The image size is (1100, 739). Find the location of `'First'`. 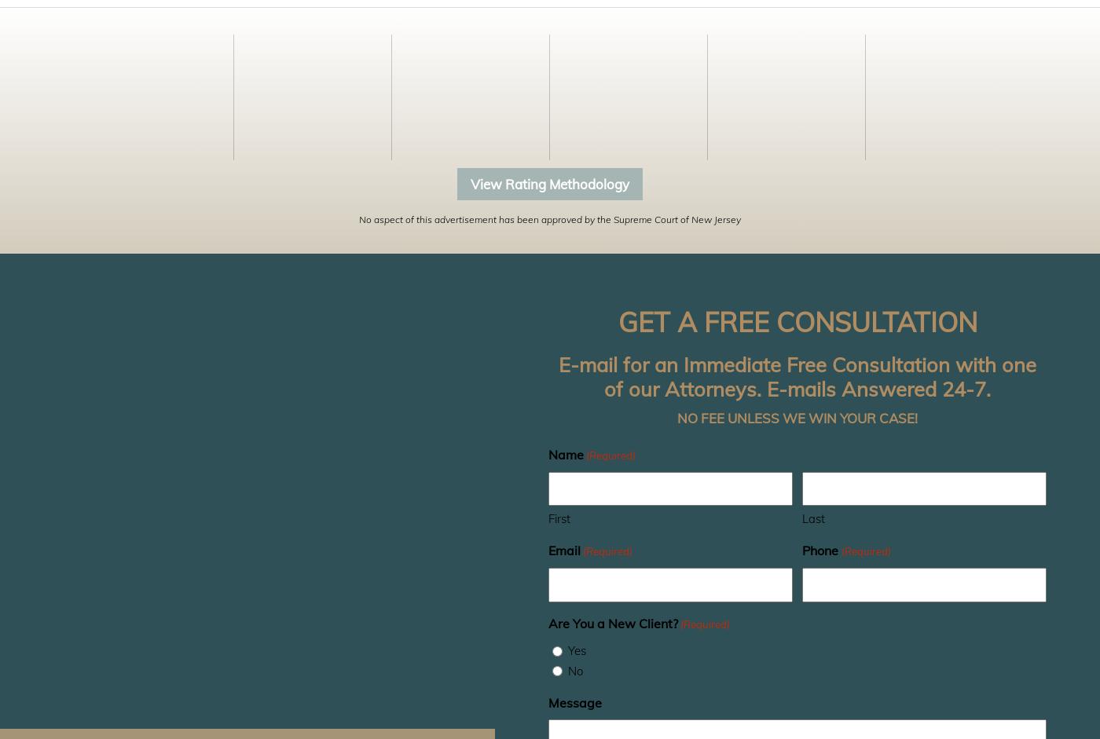

'First' is located at coordinates (548, 518).